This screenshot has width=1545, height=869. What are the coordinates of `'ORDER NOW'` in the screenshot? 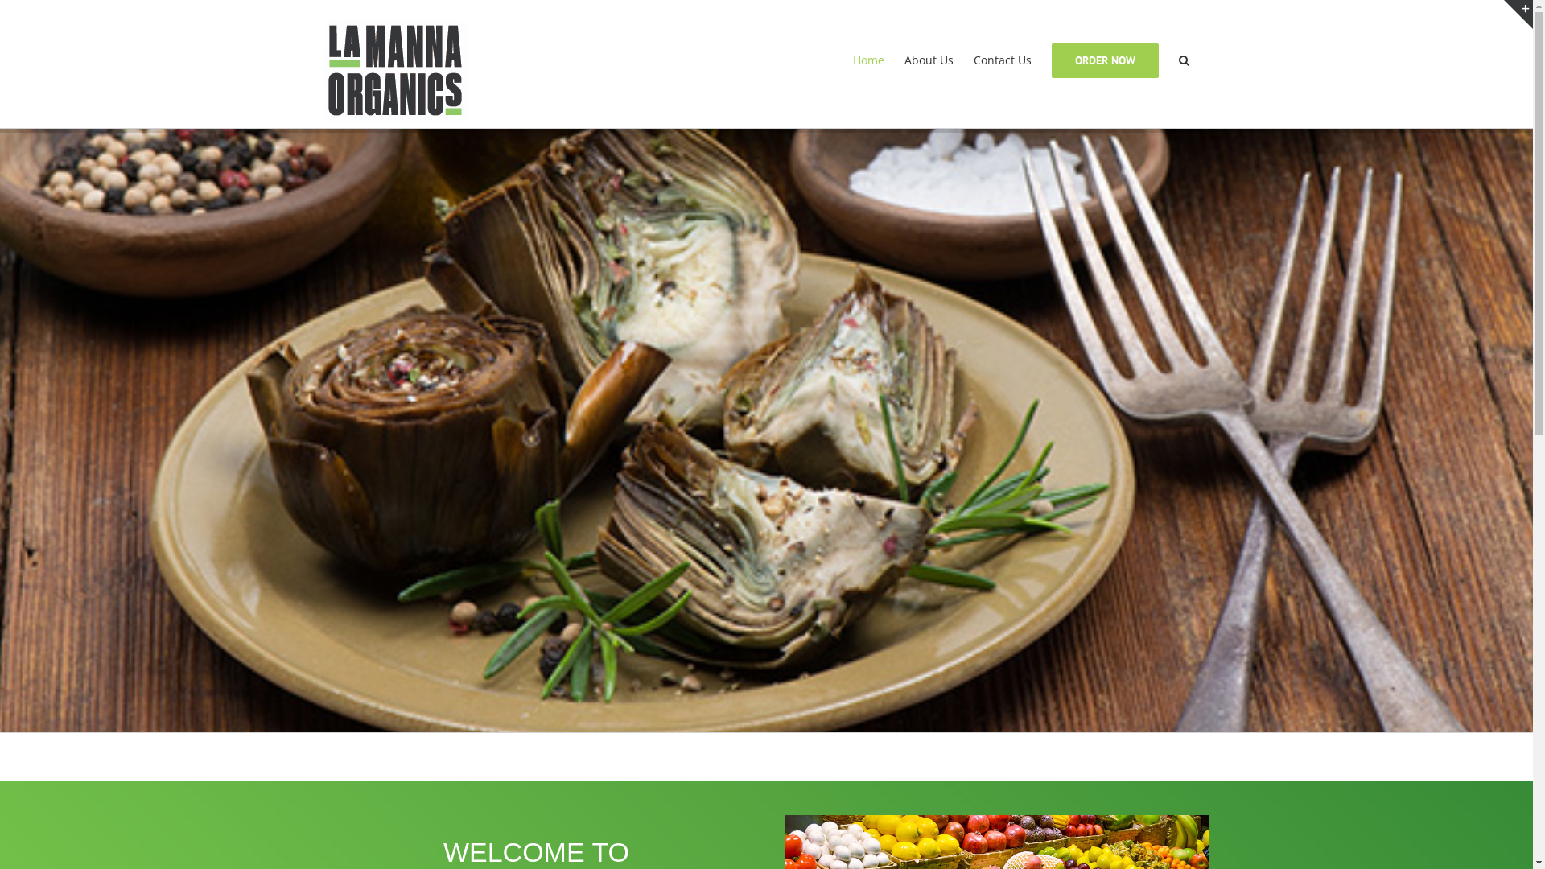 It's located at (1103, 59).